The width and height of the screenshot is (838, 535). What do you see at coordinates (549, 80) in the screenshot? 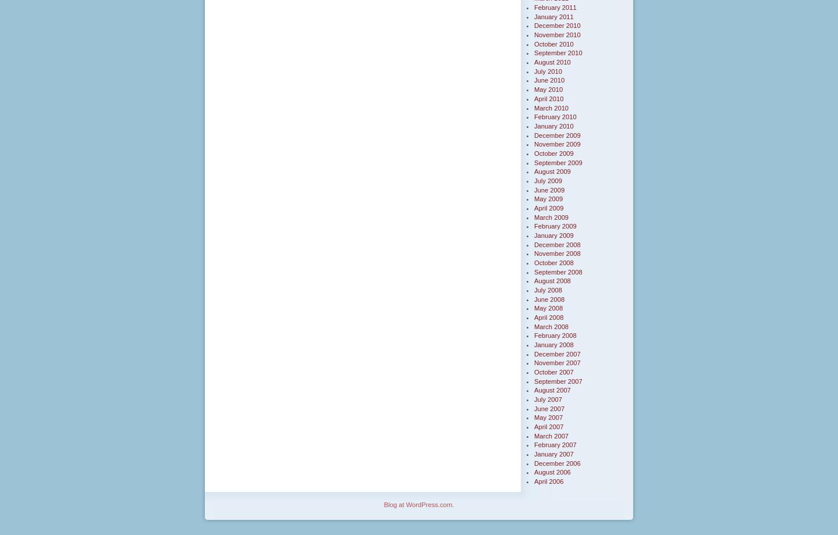
I see `'June 2010'` at bounding box center [549, 80].